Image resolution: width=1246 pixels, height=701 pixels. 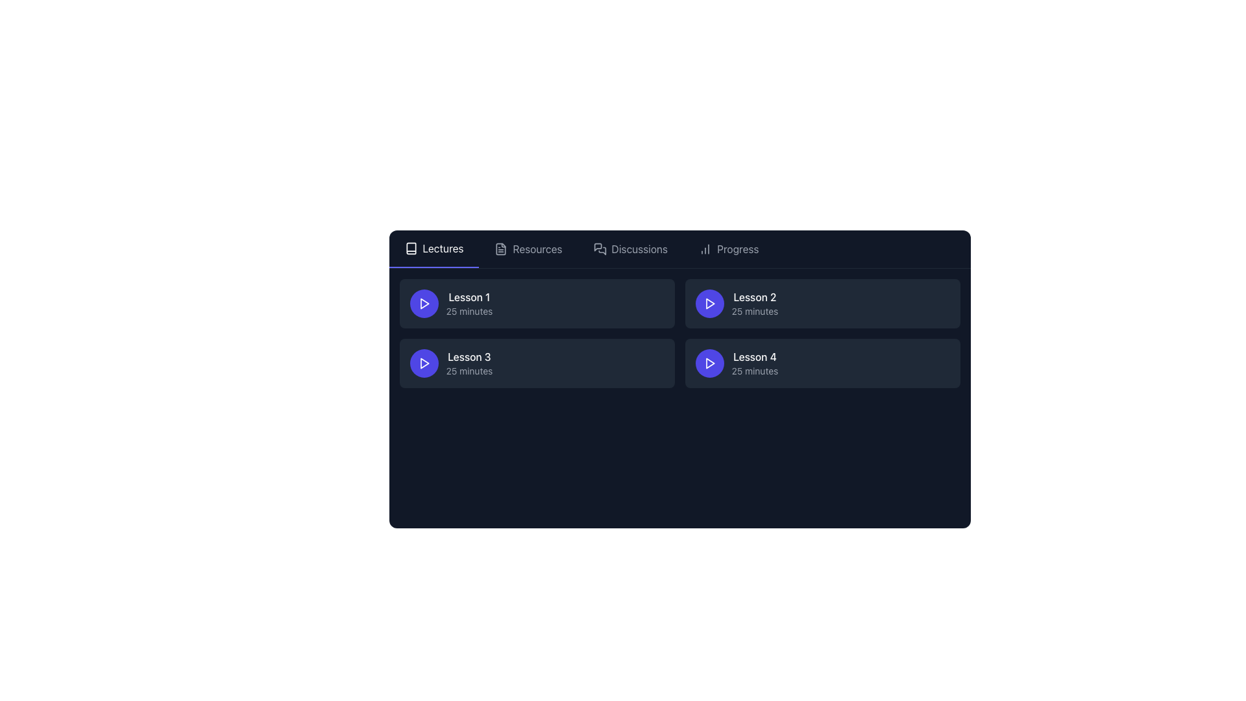 I want to click on the Discussions tab icon located in the top navigation bar, to the left of the text 'Discussions', so click(x=599, y=249).